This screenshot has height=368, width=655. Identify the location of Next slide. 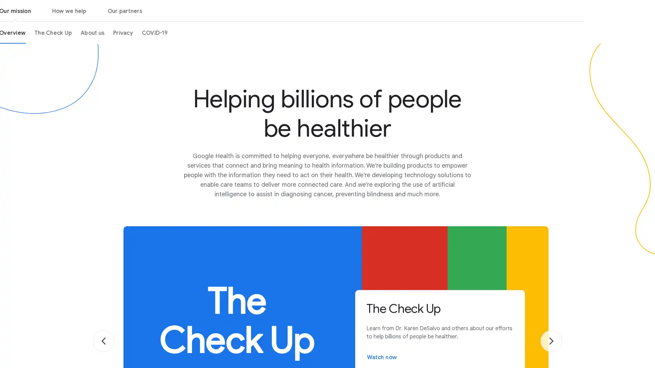
(551, 341).